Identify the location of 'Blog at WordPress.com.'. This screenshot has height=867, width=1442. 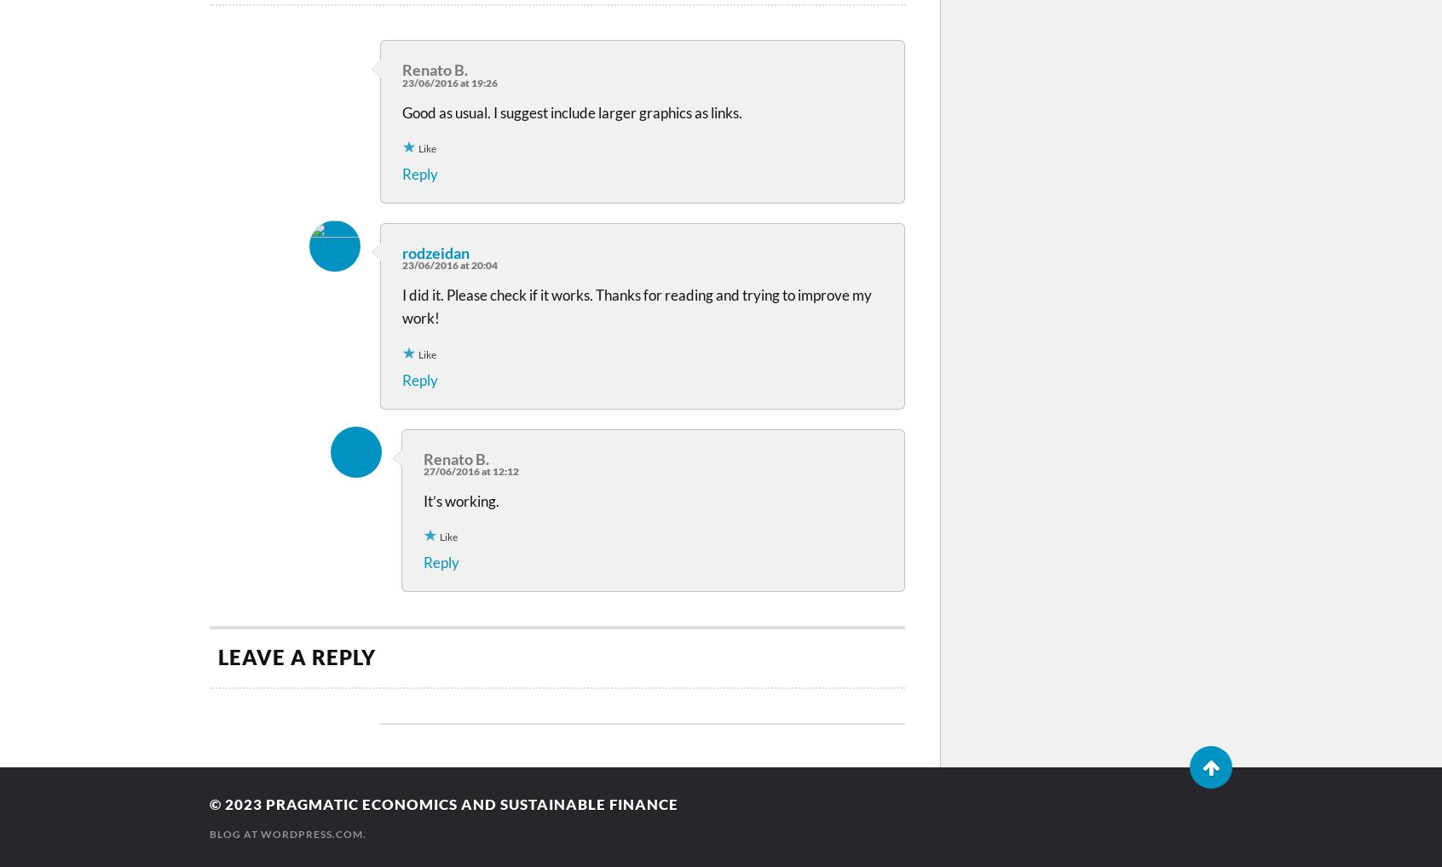
(210, 834).